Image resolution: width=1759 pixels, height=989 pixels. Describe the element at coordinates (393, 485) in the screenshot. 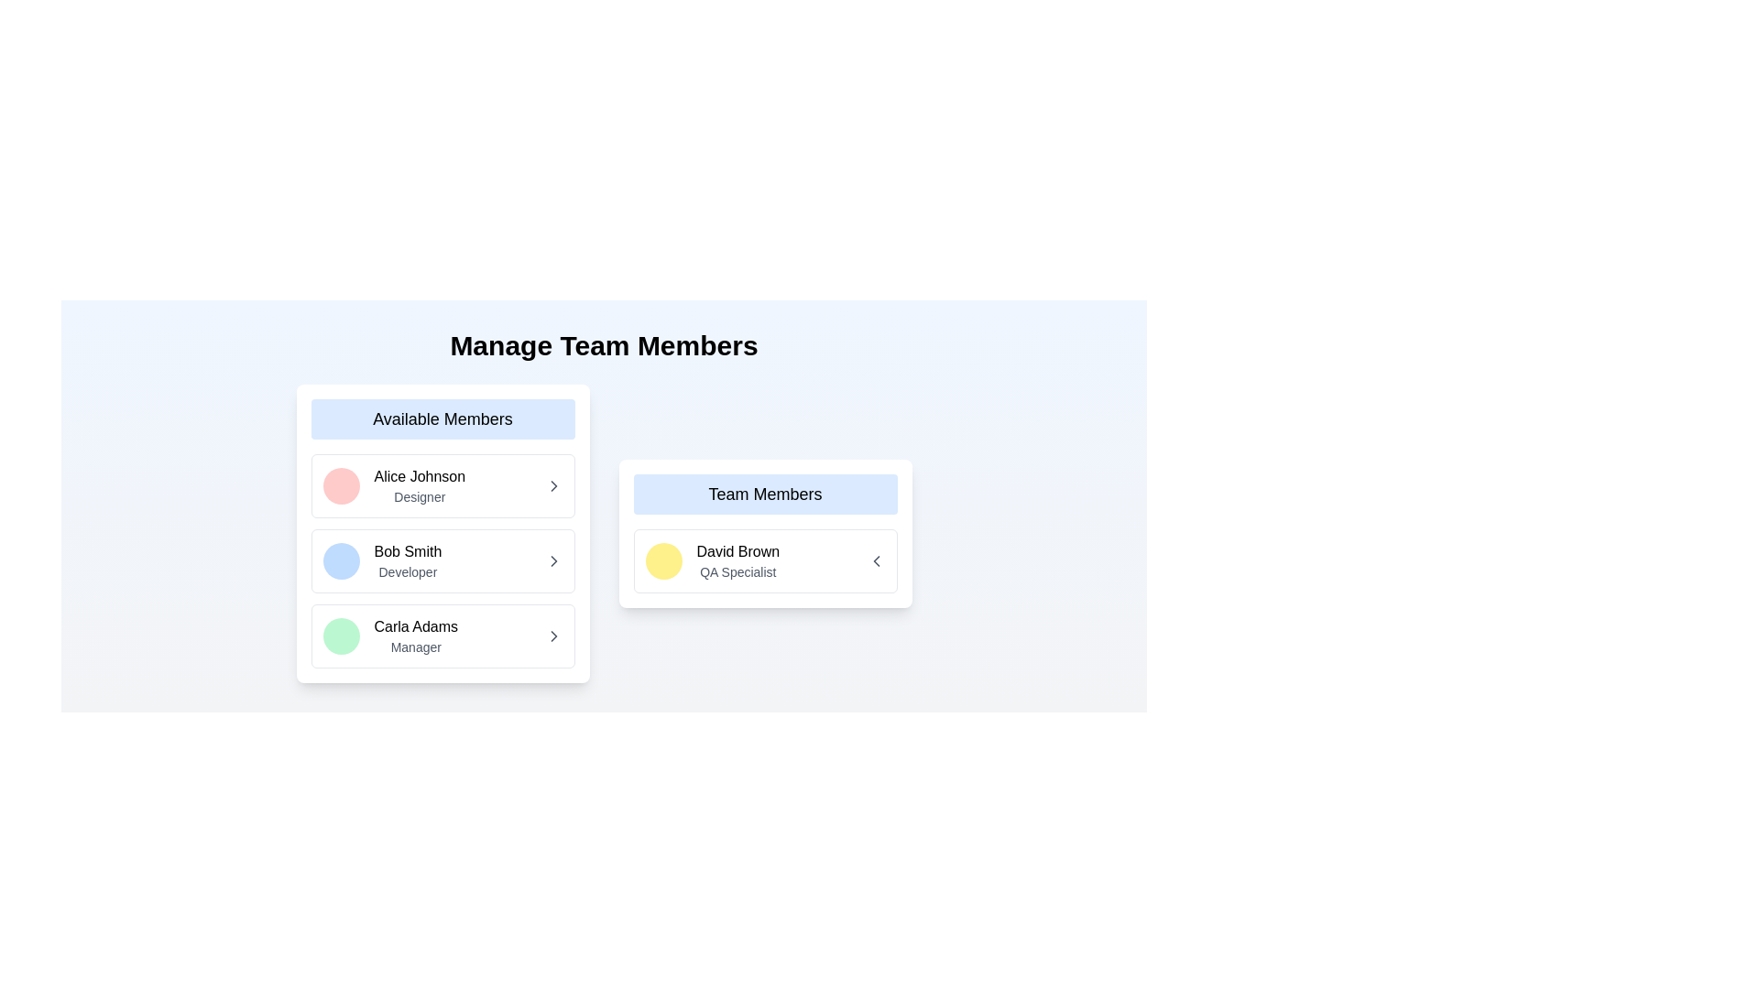

I see `the first team member entry in the 'Available Members' section` at that location.